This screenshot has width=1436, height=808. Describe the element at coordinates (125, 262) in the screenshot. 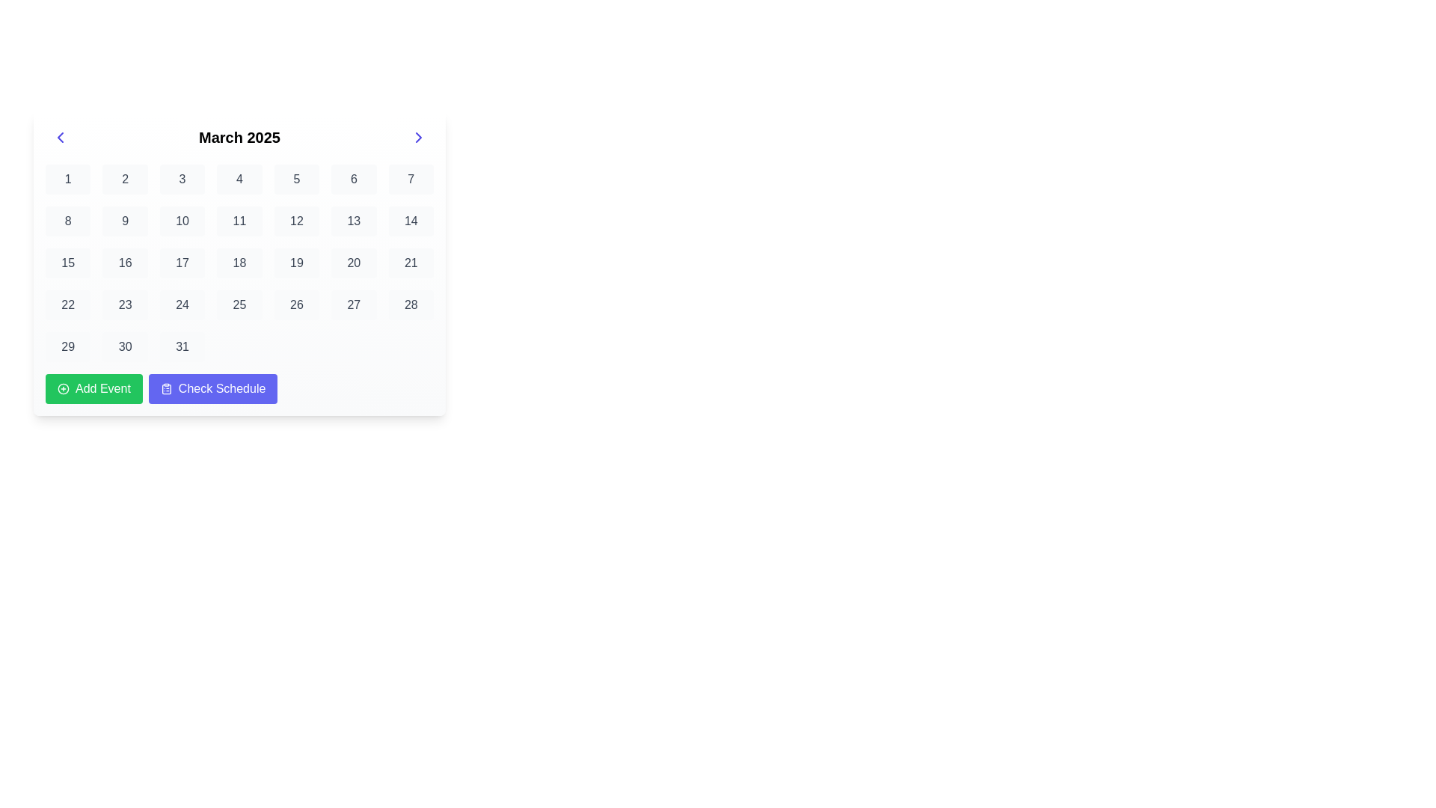

I see `the button representing the 16th day in the calendar view` at that location.